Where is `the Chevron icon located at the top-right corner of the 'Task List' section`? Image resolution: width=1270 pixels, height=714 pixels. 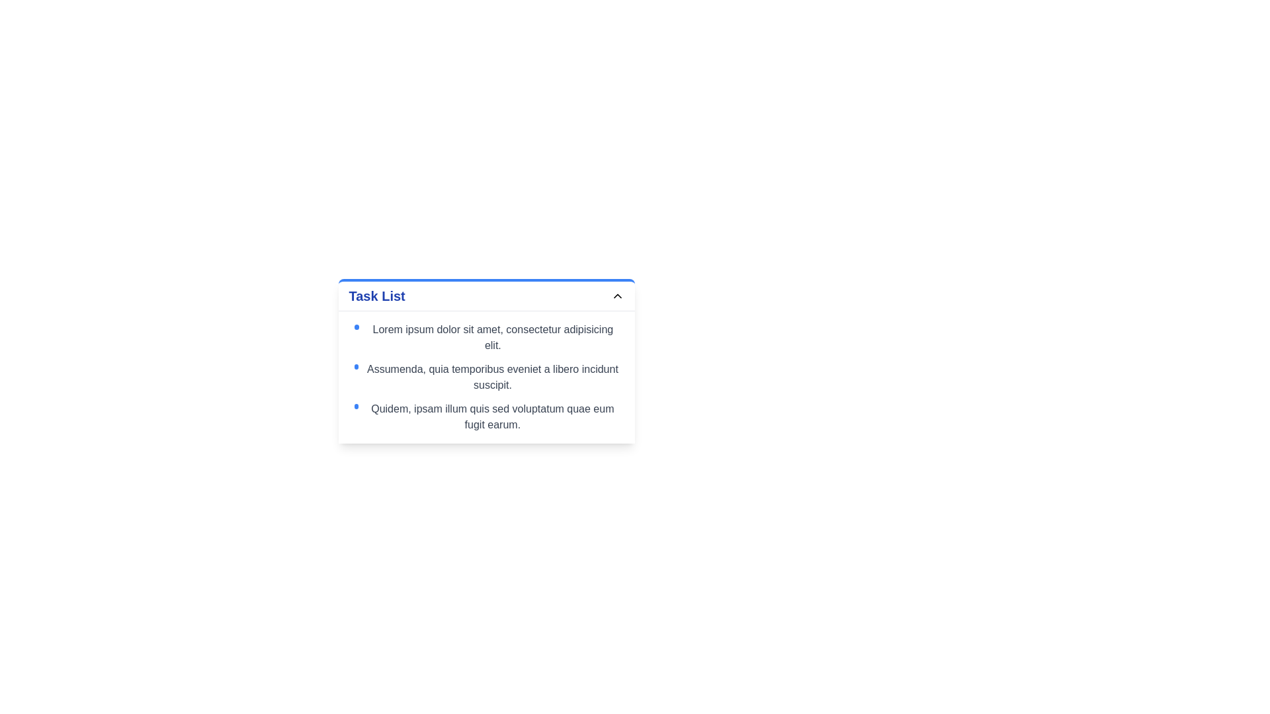 the Chevron icon located at the top-right corner of the 'Task List' section is located at coordinates (616, 295).